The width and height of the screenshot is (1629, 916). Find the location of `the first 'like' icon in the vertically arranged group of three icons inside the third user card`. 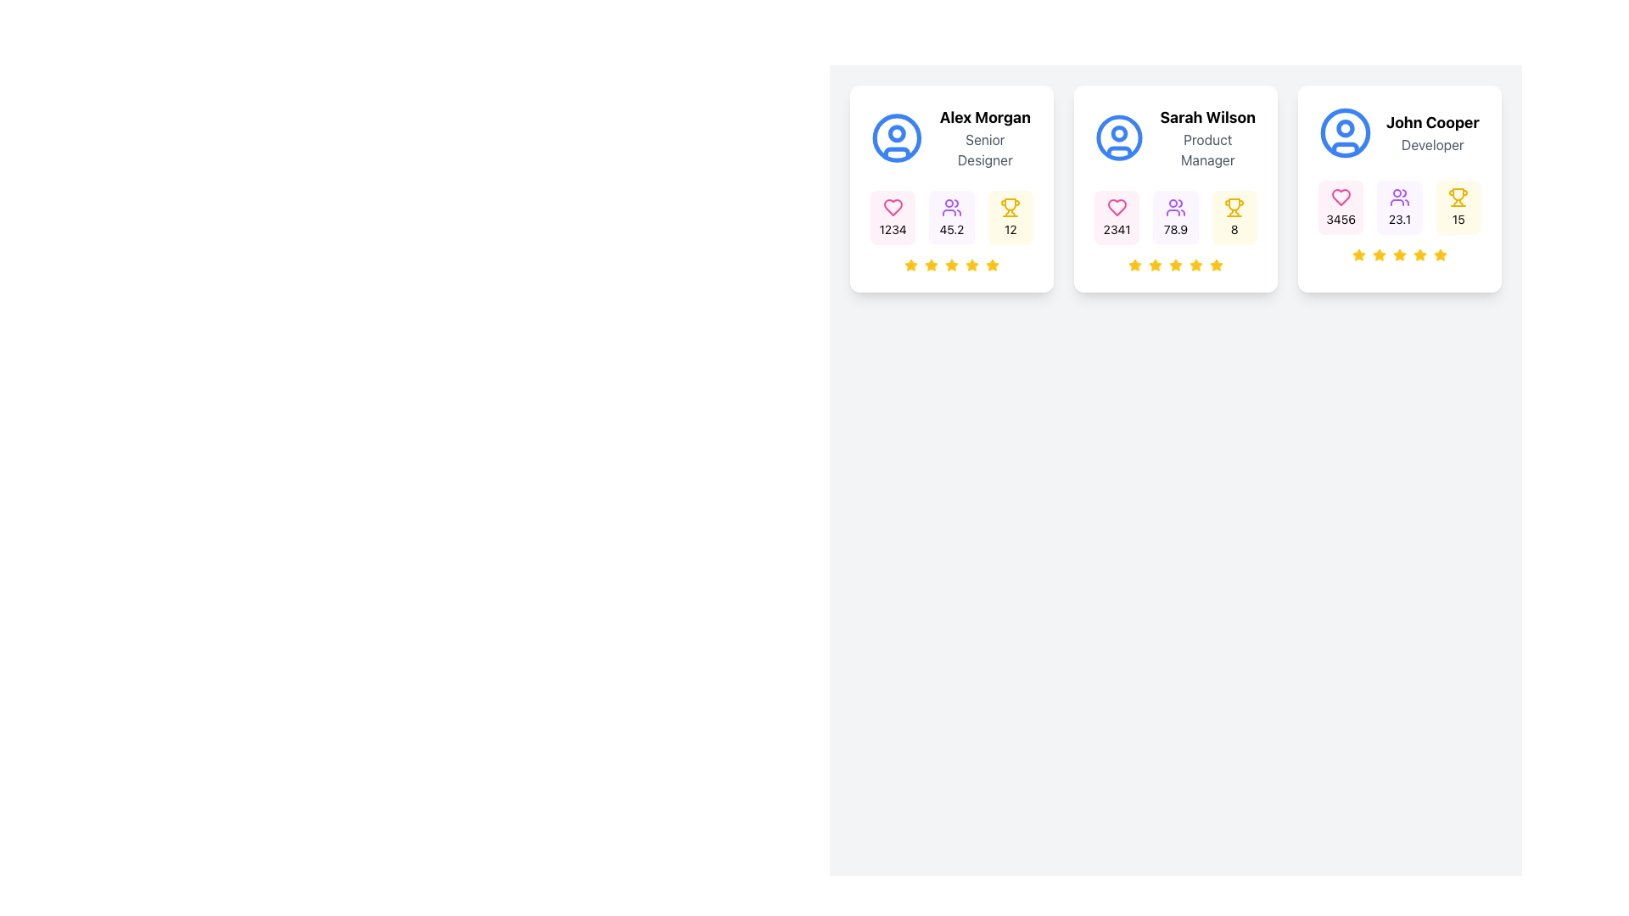

the first 'like' icon in the vertically arranged group of three icons inside the third user card is located at coordinates (1340, 196).